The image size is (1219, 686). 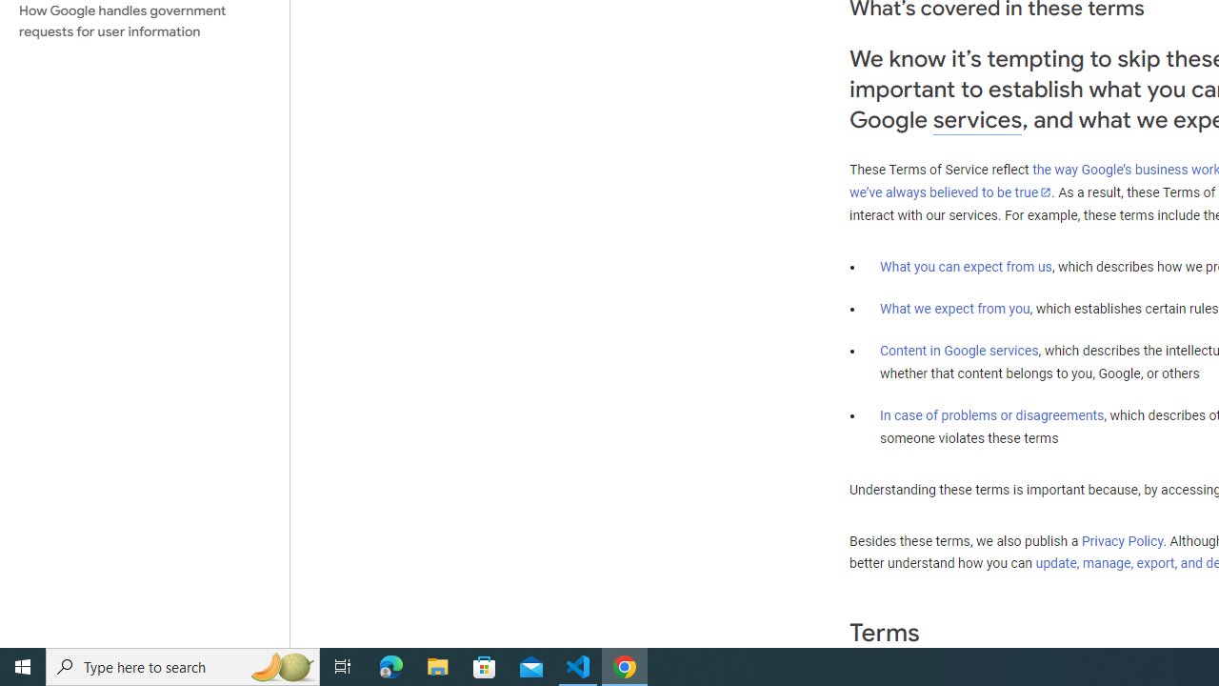 What do you see at coordinates (1122, 540) in the screenshot?
I see `'Privacy Policy'` at bounding box center [1122, 540].